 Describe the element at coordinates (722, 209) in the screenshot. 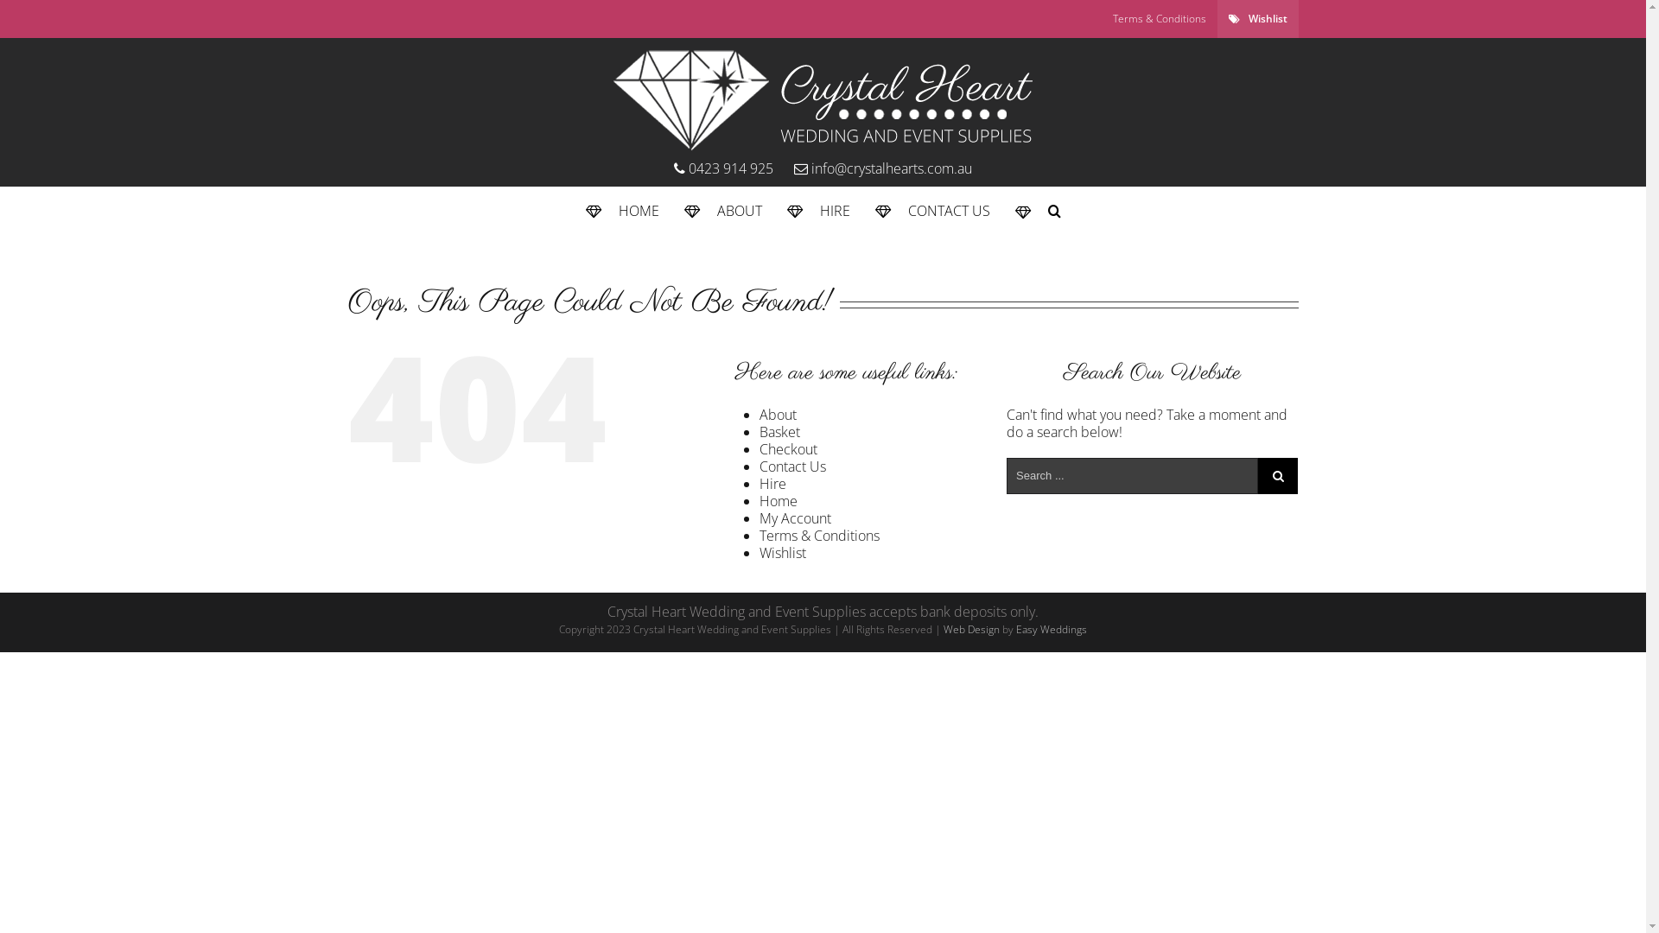

I see `'ABOUT'` at that location.